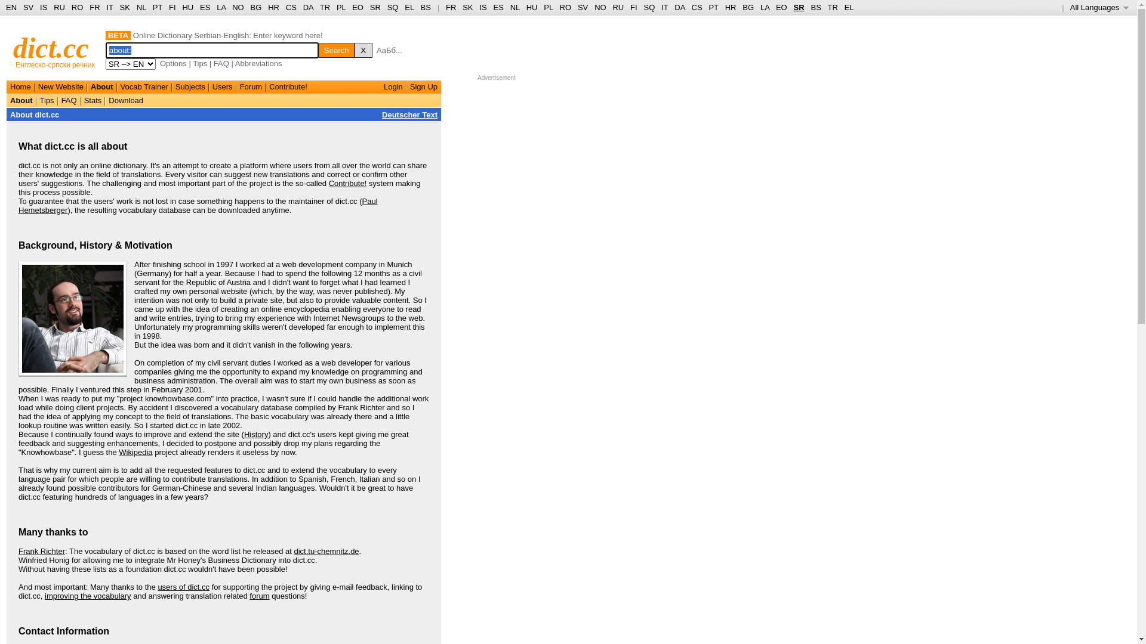 The height and width of the screenshot is (644, 1146). What do you see at coordinates (320, 7) in the screenshot?
I see `'TR'` at bounding box center [320, 7].